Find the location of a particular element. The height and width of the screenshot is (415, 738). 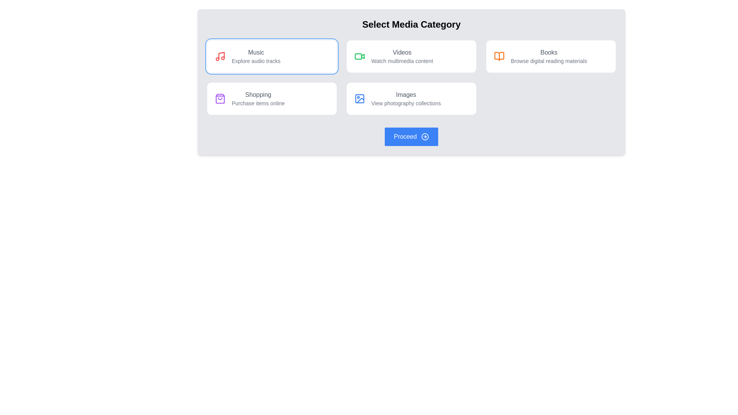

to select the 'Videos' category from the top row of media category options, which includes a bold title 'Videos' and a subtitle 'Watch multimedia content' is located at coordinates (402, 56).